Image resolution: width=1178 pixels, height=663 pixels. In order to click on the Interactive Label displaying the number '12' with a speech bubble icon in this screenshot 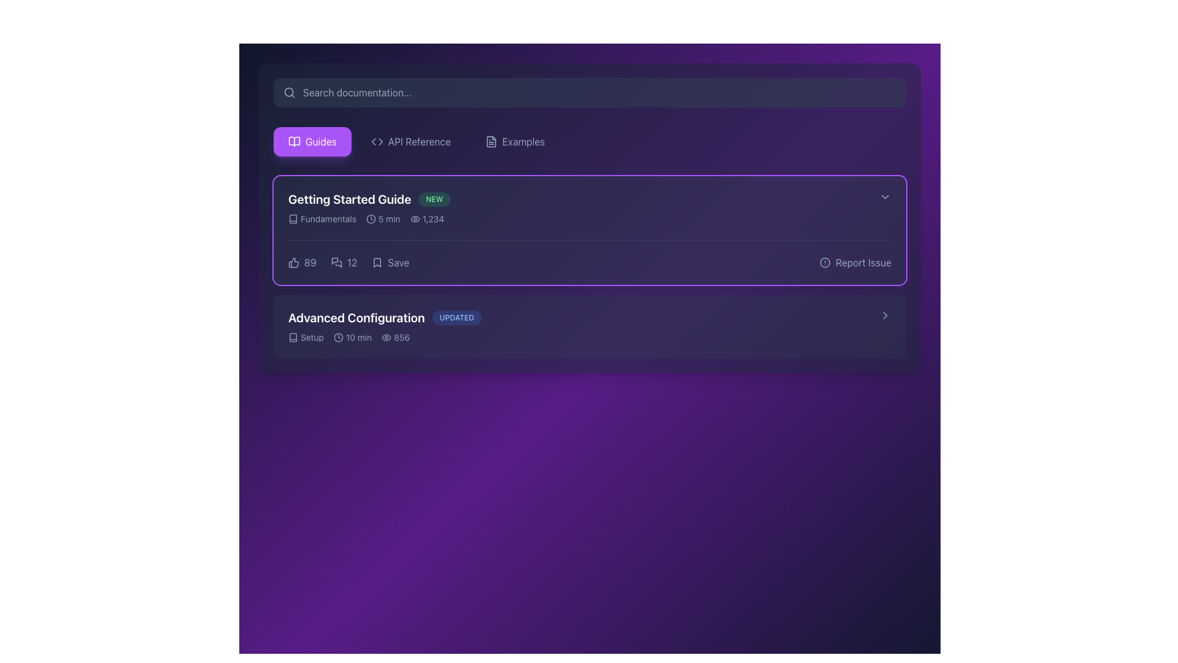, I will do `click(344, 262)`.